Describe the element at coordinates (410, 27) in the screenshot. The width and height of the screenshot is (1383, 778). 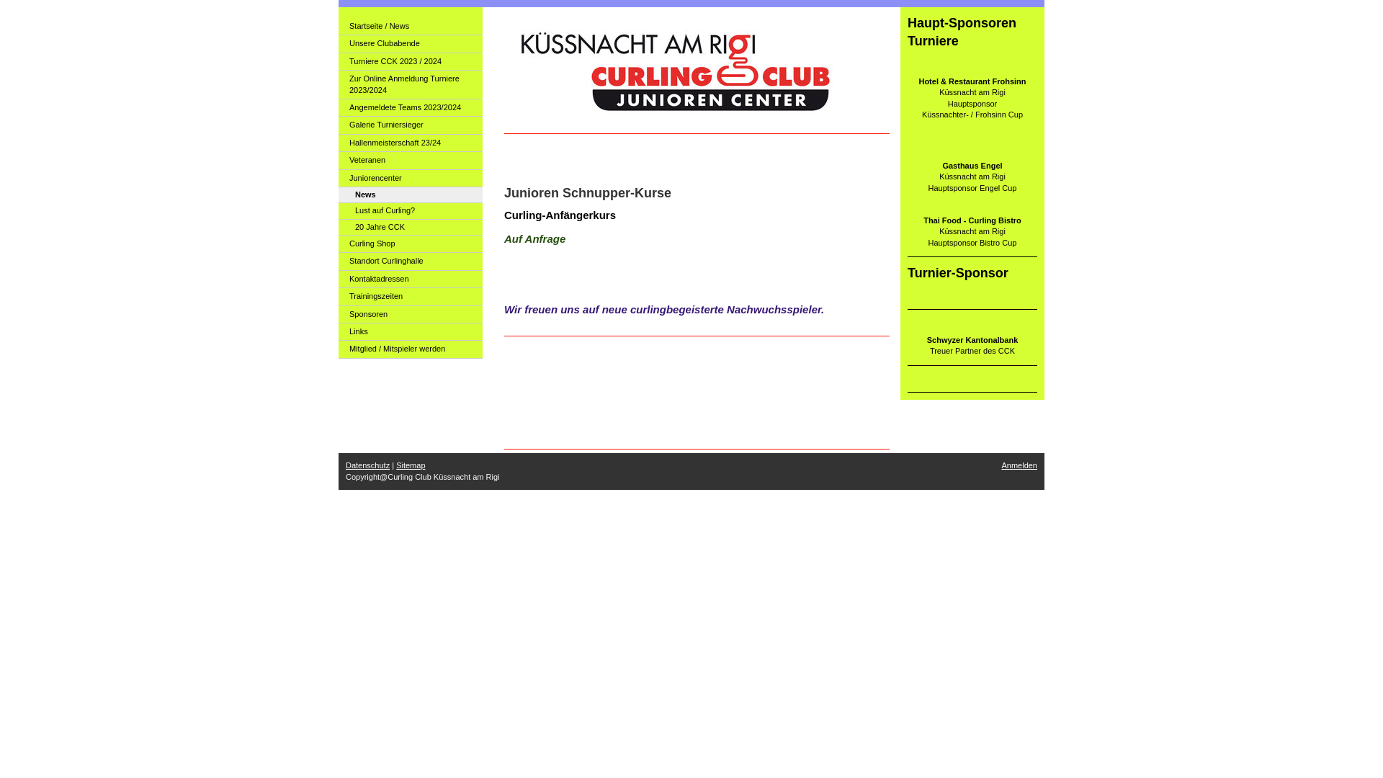
I see `'Startseite / News'` at that location.